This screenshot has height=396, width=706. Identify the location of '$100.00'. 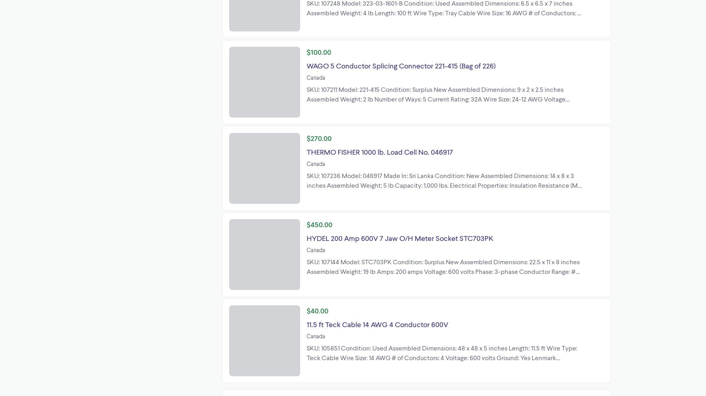
(318, 51).